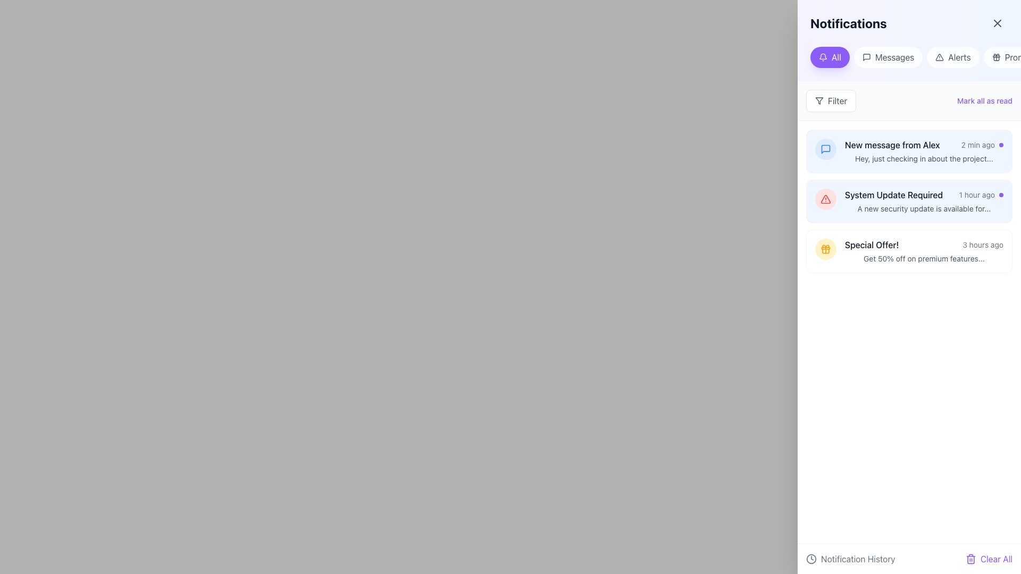 The width and height of the screenshot is (1021, 574). What do you see at coordinates (997, 23) in the screenshot?
I see `the close or 'X' icon located at the top-right corner of the notification panel` at bounding box center [997, 23].